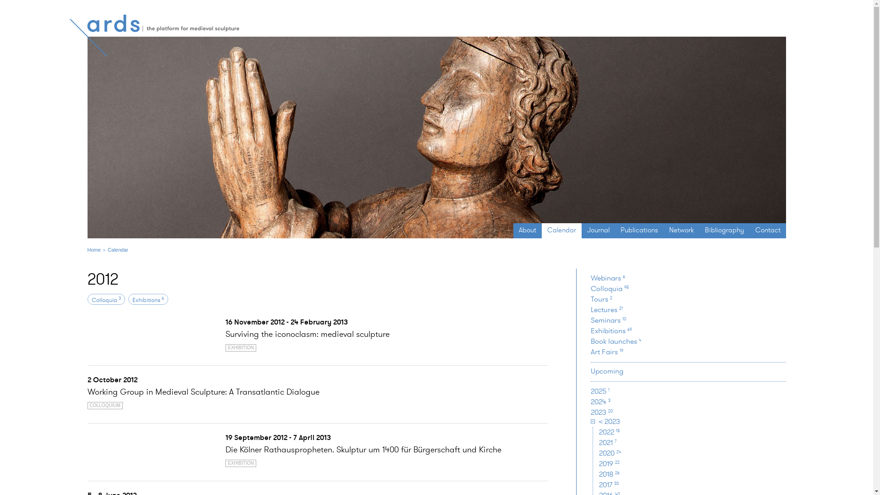 The height and width of the screenshot is (495, 880). Describe the element at coordinates (768, 229) in the screenshot. I see `'Contact'` at that location.